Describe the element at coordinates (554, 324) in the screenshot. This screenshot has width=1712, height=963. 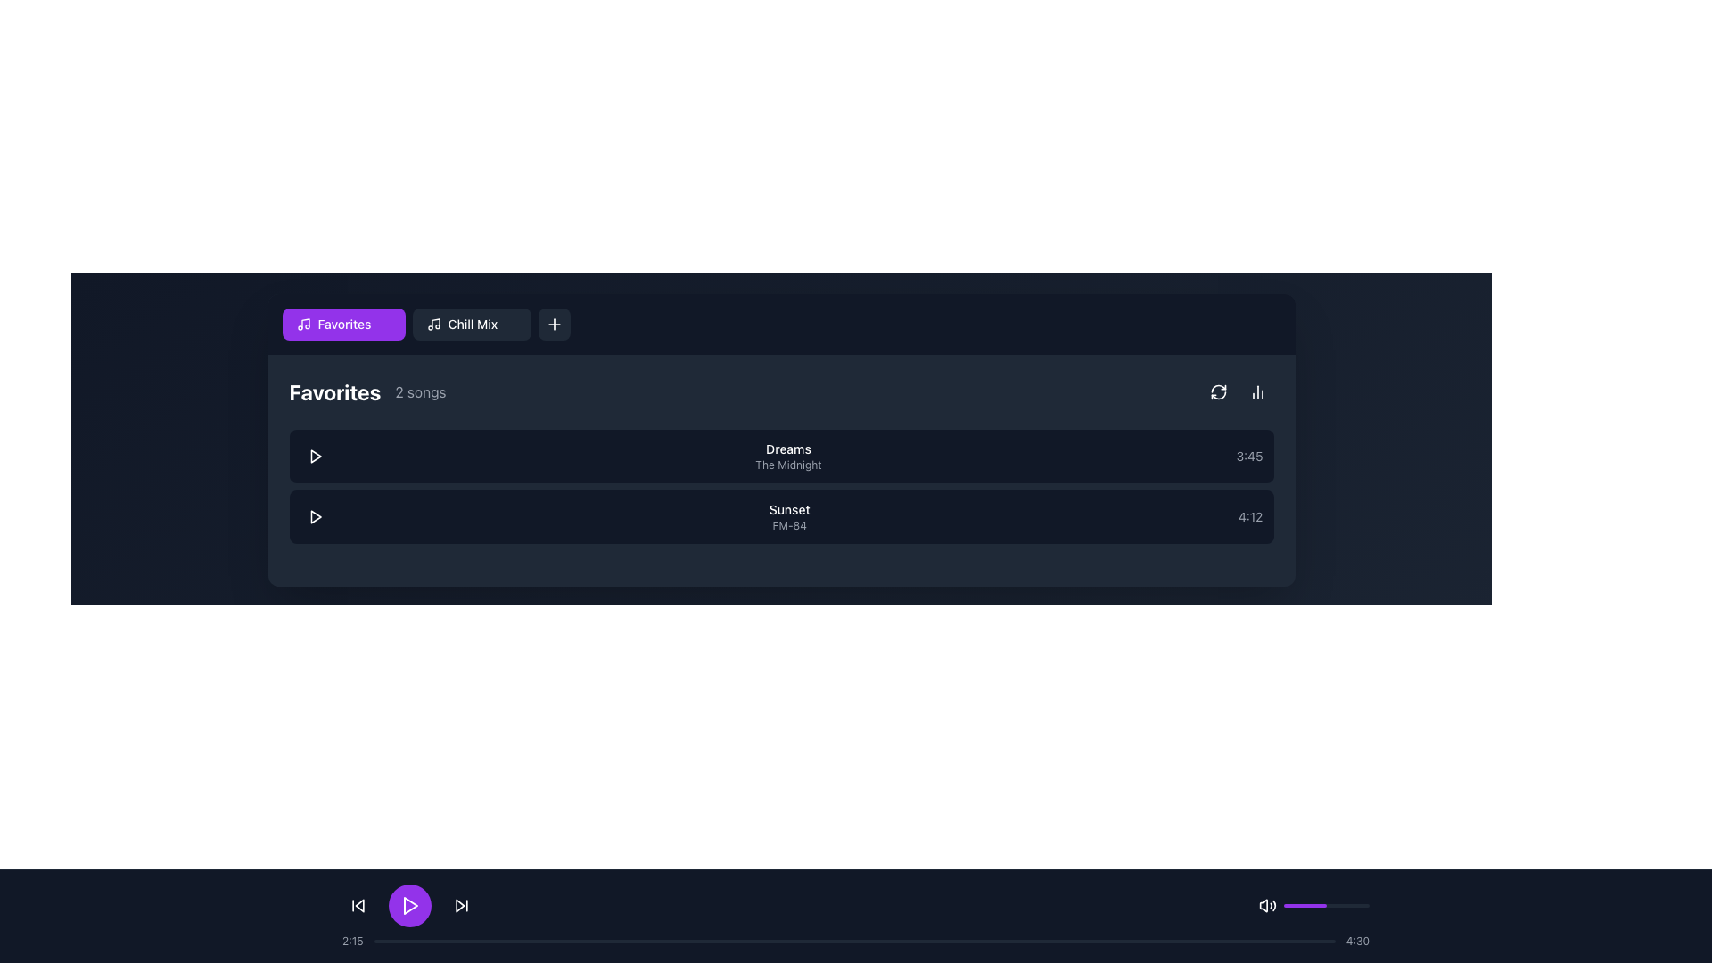
I see `the button with an embedded SVG icon located at the rightmost section of the toolbar` at that location.